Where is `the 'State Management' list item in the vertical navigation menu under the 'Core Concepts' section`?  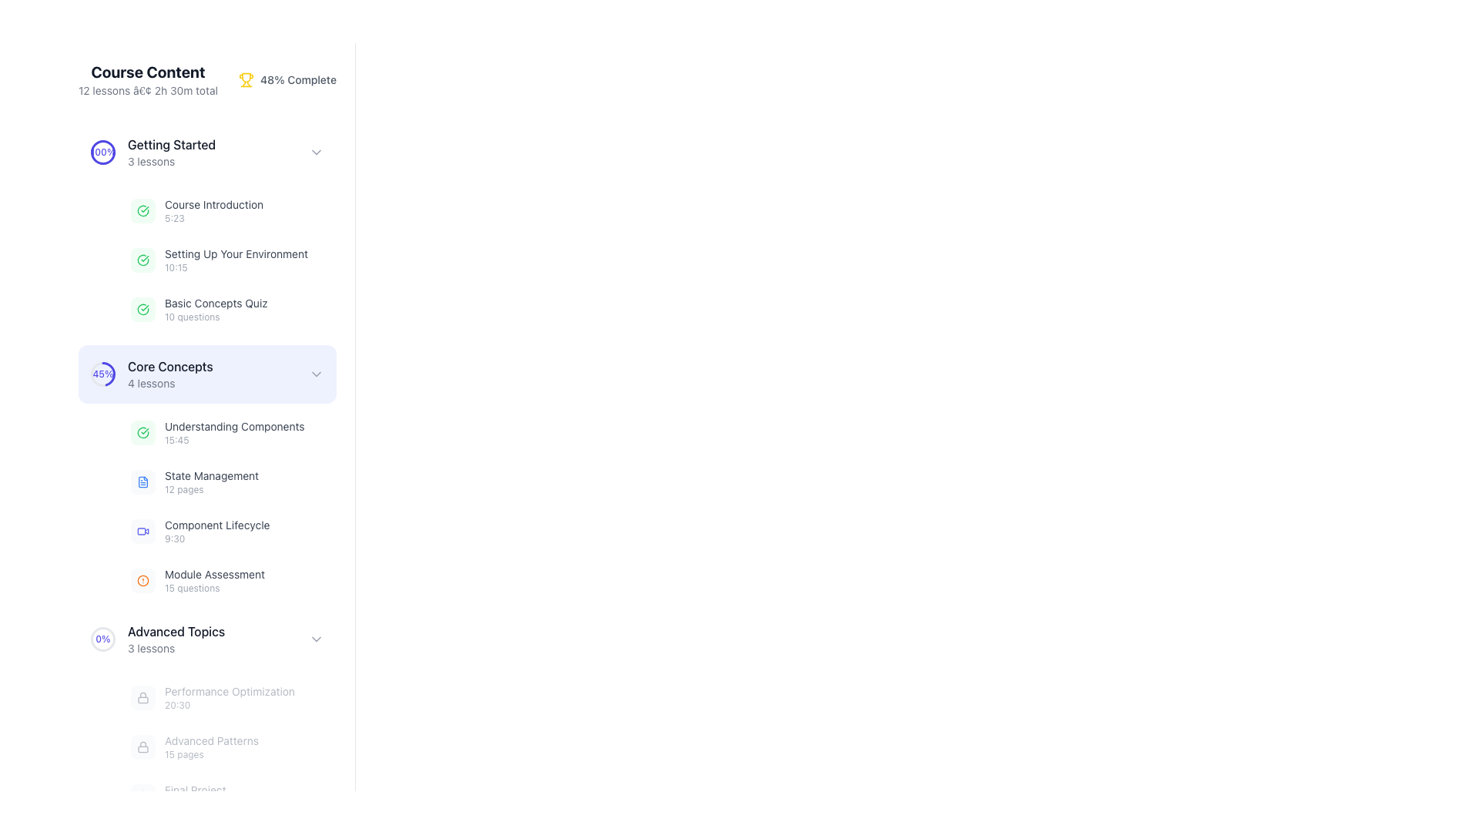
the 'State Management' list item in the vertical navigation menu under the 'Core Concepts' section is located at coordinates (206, 507).